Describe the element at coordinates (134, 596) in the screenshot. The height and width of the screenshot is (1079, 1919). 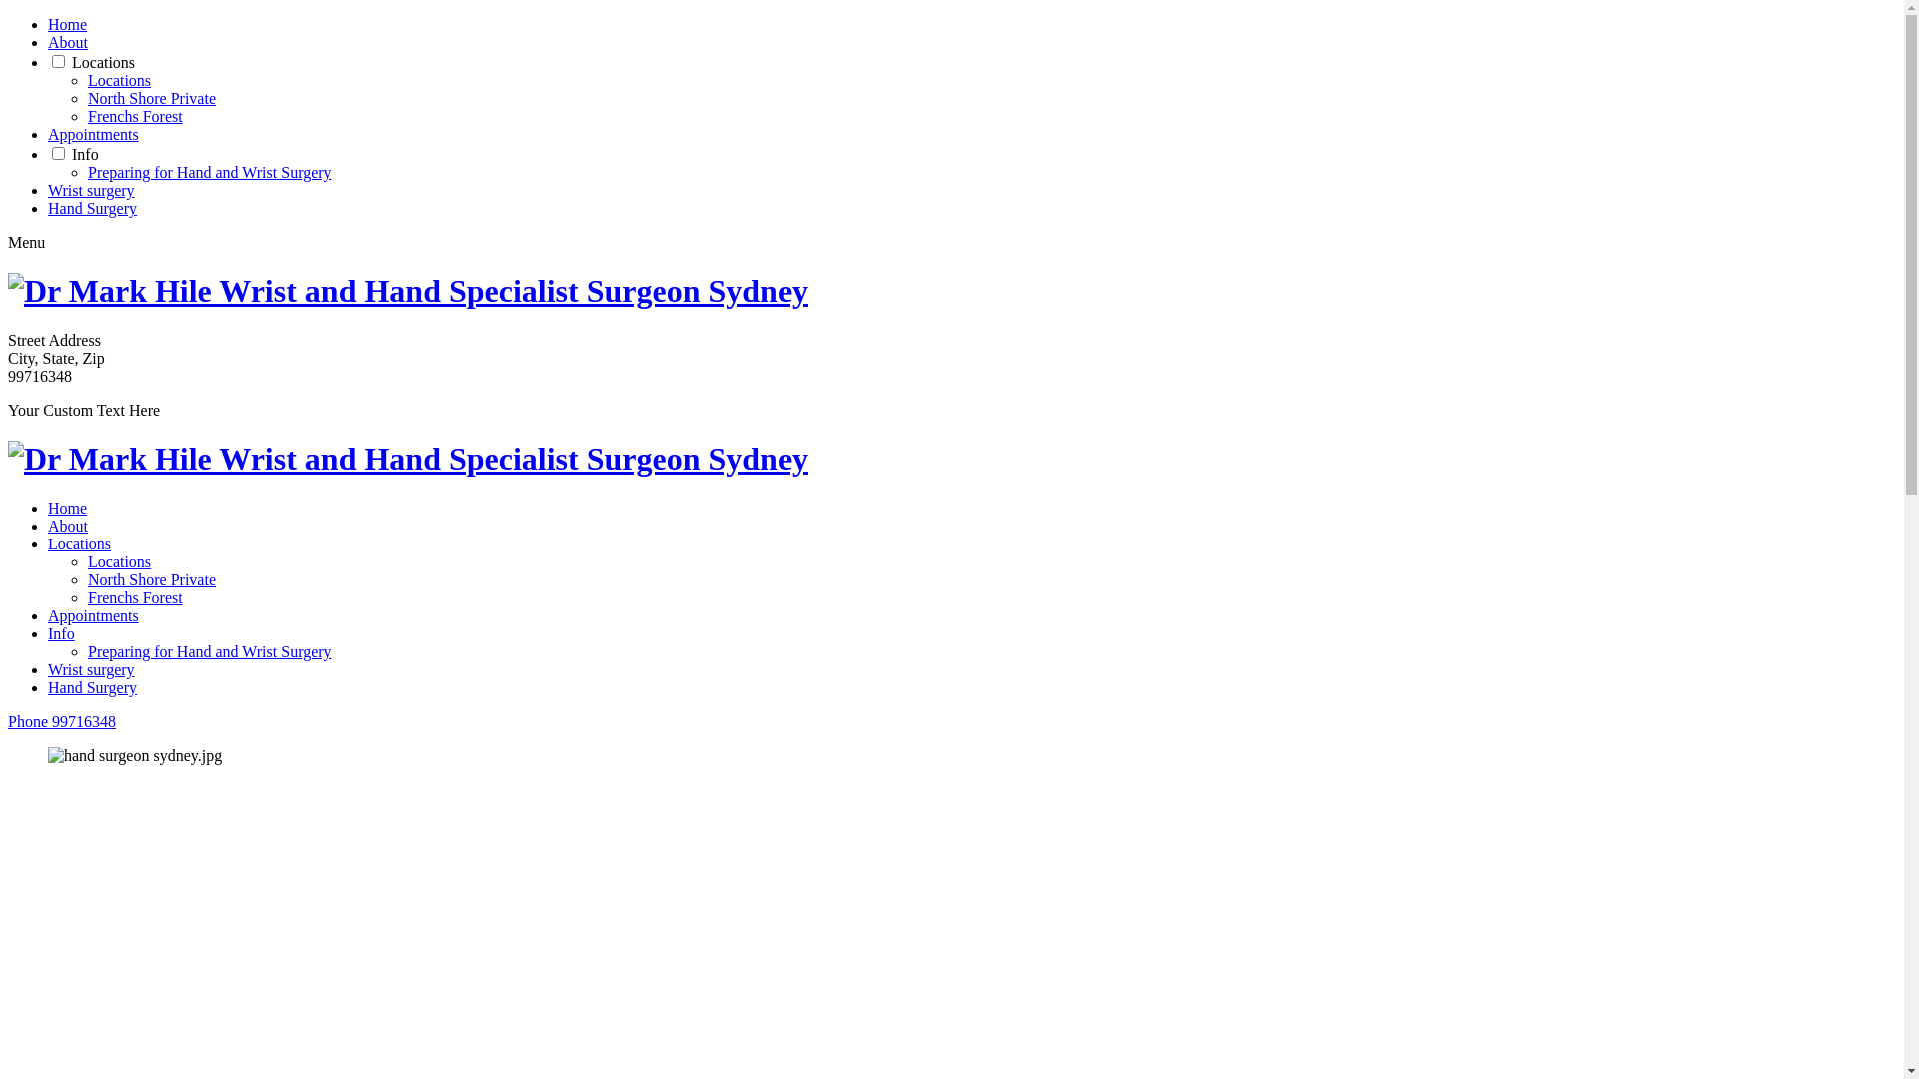
I see `'Frenchs Forest'` at that location.